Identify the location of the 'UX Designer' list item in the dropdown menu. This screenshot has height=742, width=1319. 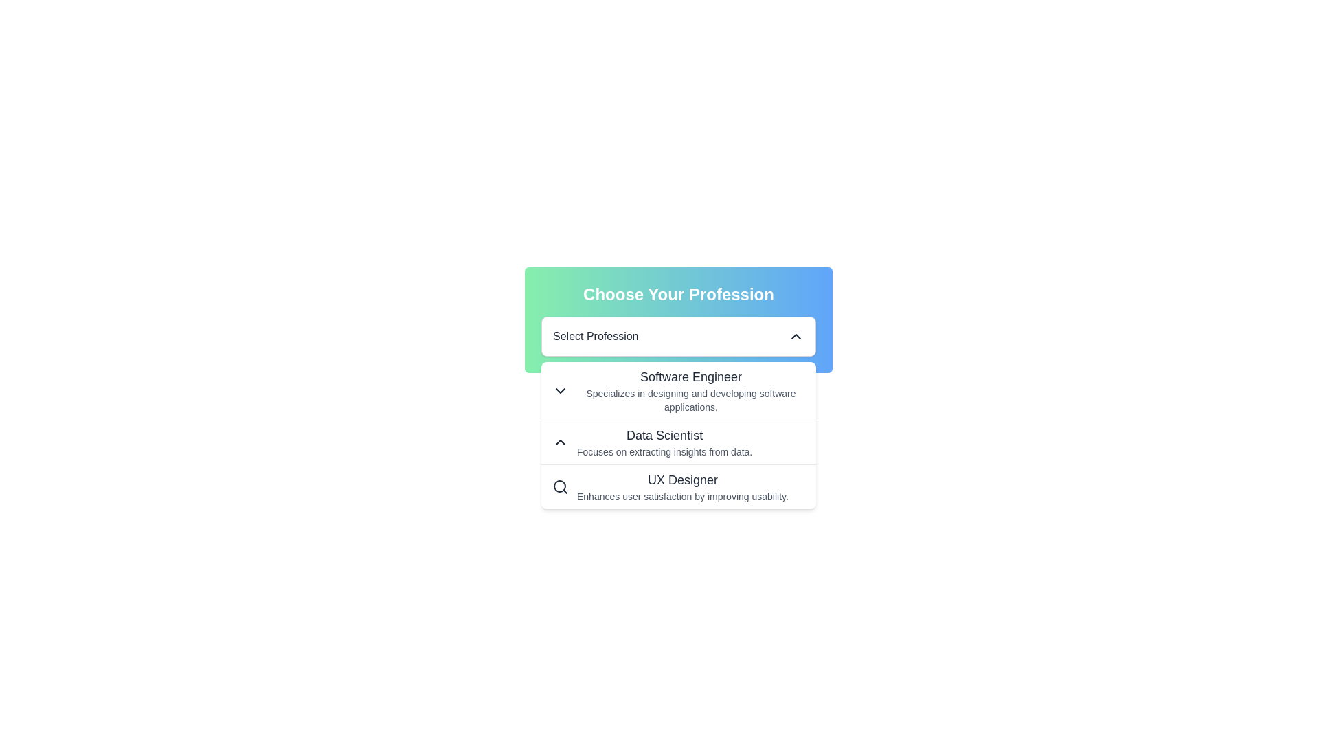
(679, 486).